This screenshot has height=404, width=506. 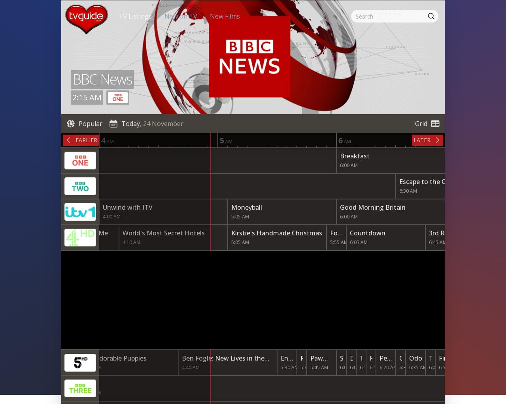 I want to click on '4:00 AM', so click(x=102, y=216).